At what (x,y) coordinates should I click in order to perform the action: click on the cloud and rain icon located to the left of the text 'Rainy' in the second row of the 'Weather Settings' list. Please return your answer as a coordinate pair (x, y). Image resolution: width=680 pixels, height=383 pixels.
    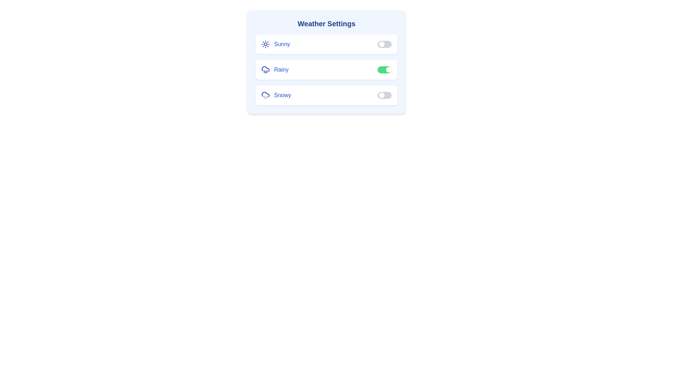
    Looking at the image, I should click on (265, 70).